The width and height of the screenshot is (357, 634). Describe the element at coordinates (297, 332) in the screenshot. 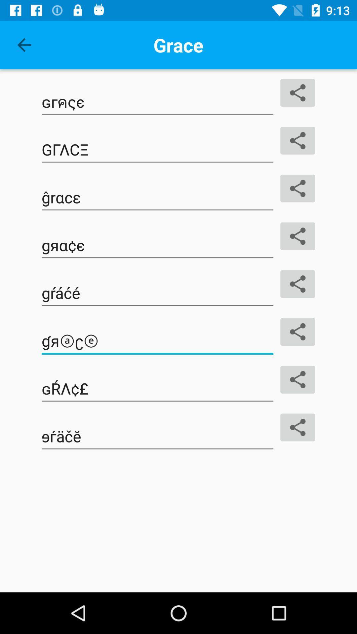

I see `the share icon` at that location.